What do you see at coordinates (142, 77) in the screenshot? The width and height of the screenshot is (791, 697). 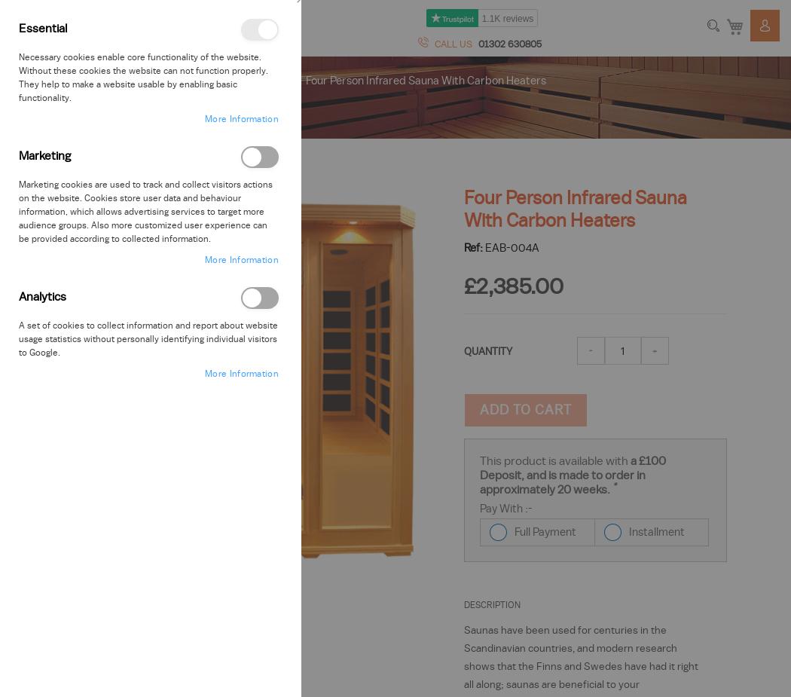 I see `'Necessary cookies enable core functionality of the website. Without these cookies the website can not function properly. They help to make a website usable by enabling basic functionality.'` at bounding box center [142, 77].